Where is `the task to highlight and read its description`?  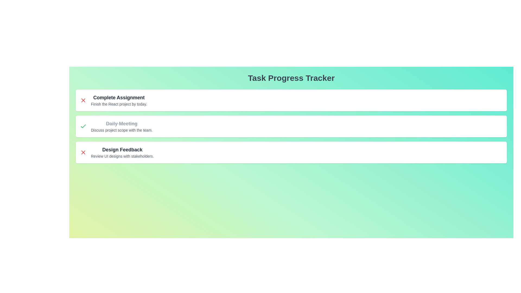
the task to highlight and read its description is located at coordinates (118, 97).